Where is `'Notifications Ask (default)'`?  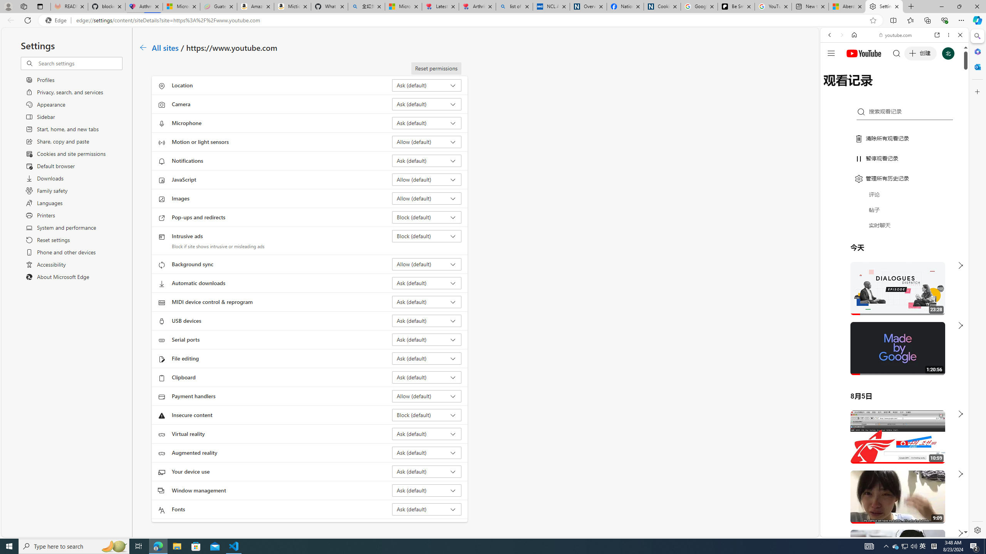
'Notifications Ask (default)' is located at coordinates (427, 160).